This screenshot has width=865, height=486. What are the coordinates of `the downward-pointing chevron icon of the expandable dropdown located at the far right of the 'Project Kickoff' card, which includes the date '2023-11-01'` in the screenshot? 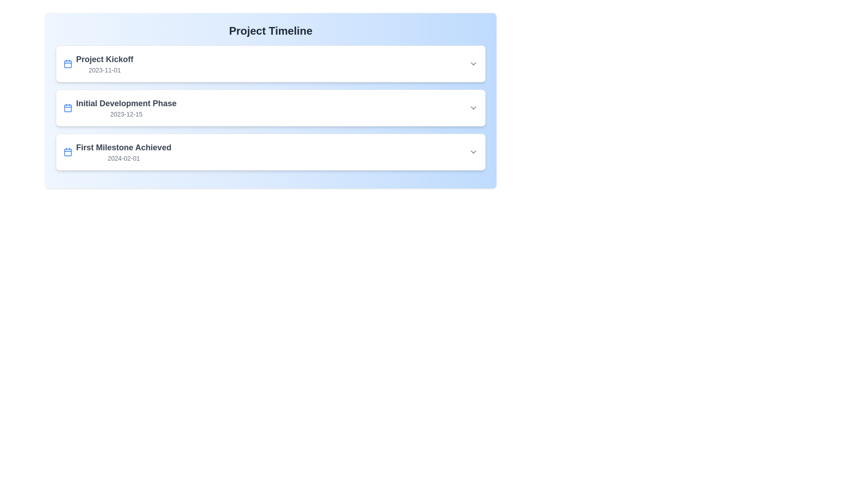 It's located at (473, 63).